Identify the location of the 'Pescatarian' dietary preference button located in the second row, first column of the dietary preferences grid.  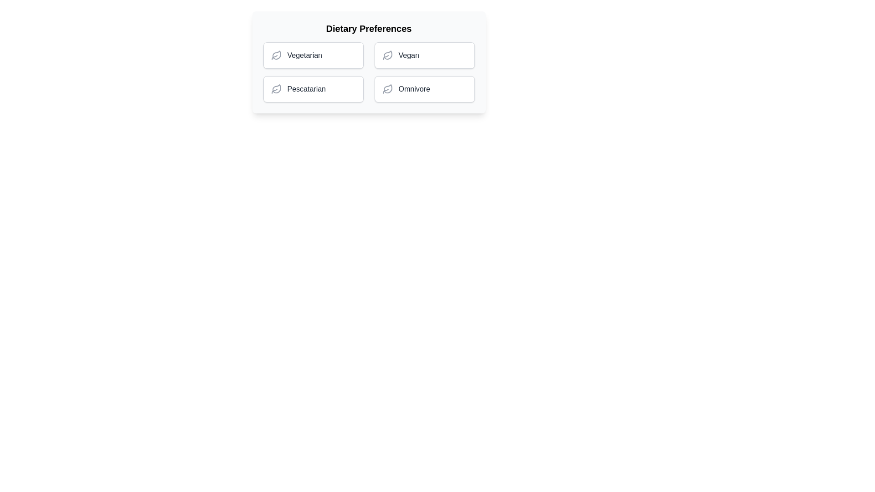
(313, 89).